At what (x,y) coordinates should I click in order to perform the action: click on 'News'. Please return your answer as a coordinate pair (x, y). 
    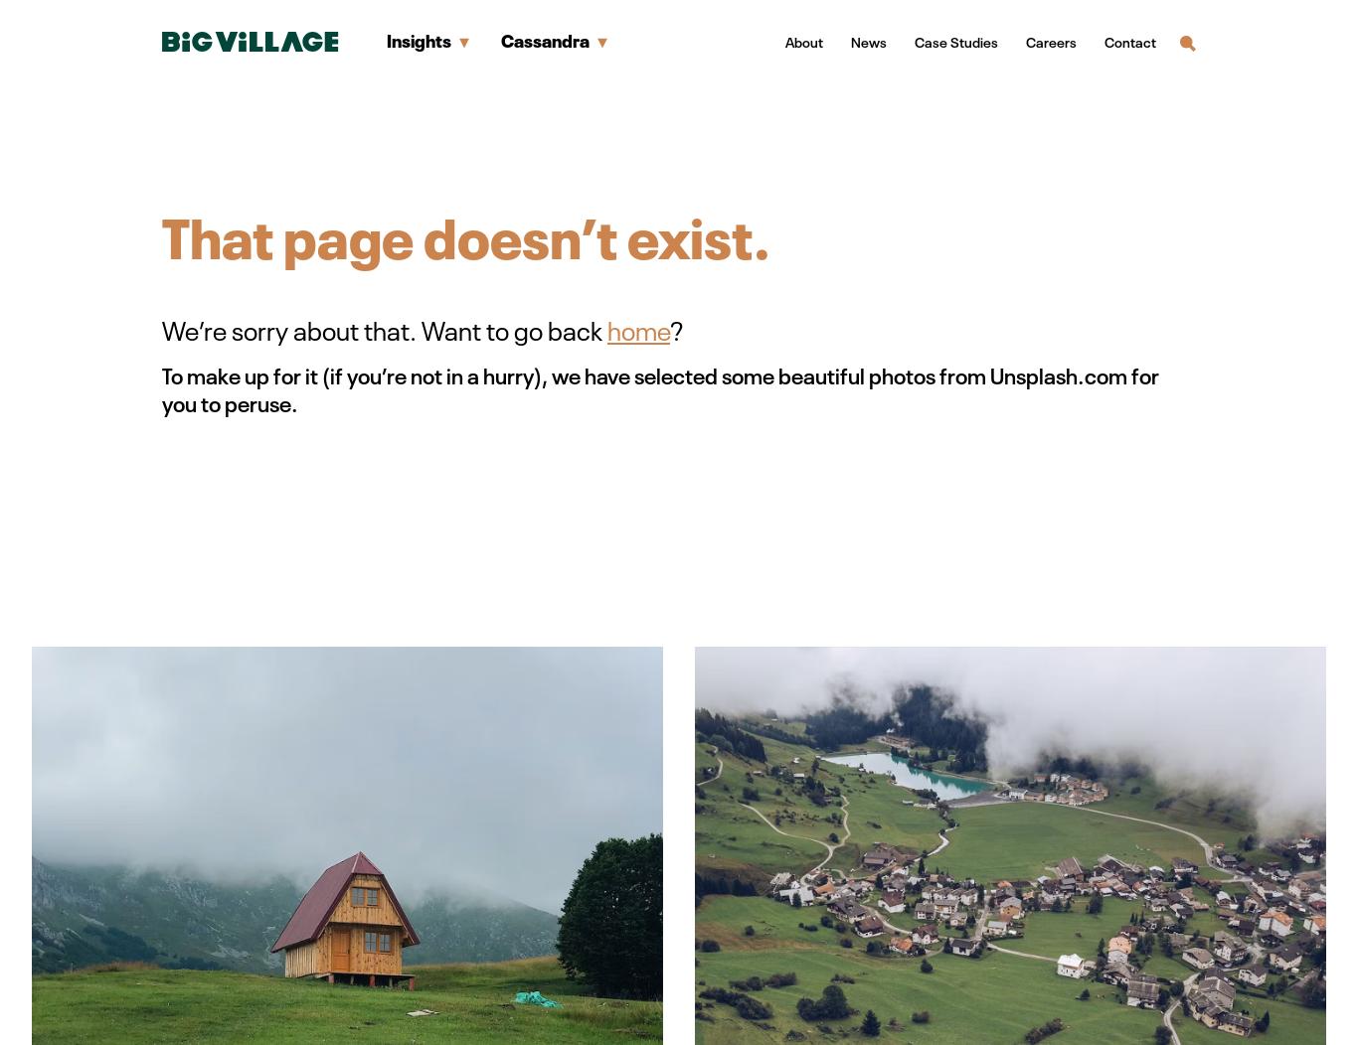
    Looking at the image, I should click on (849, 41).